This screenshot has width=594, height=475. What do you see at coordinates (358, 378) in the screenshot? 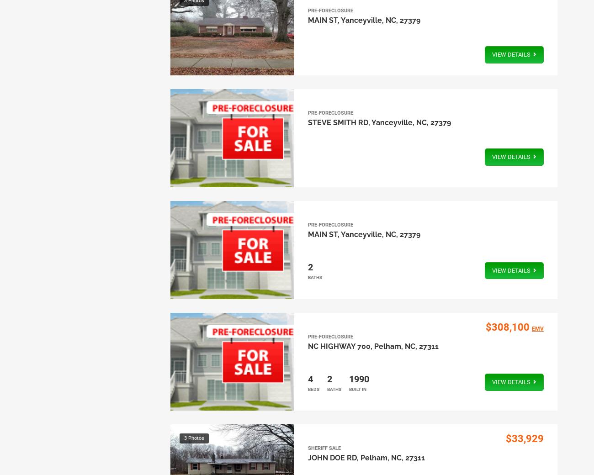
I see `'1990'` at bounding box center [358, 378].